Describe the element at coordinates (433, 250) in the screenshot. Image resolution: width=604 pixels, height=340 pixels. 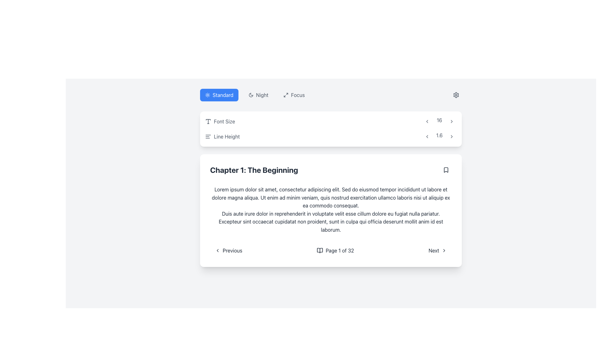
I see `the 'Next' text element within the navigation button, which is styled with rounded corners and positioned` at that location.